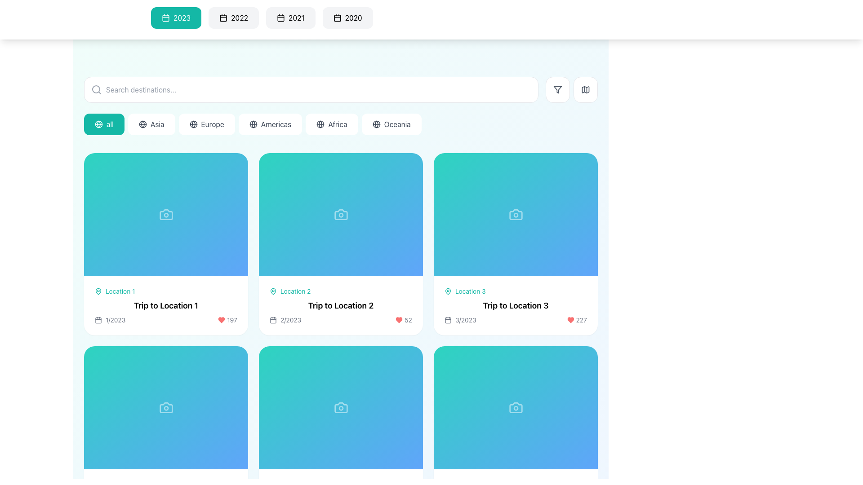 This screenshot has width=863, height=485. I want to click on the SVG Rectangle element that is part of the calendar icon in the second trip card associated with 'Trip to Location 2.', so click(273, 320).